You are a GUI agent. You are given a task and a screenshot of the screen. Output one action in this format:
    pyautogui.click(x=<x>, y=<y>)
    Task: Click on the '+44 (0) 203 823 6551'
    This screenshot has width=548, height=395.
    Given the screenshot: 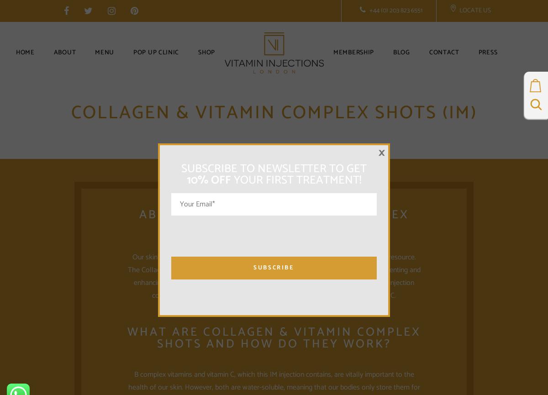 What is the action you would take?
    pyautogui.click(x=395, y=11)
    